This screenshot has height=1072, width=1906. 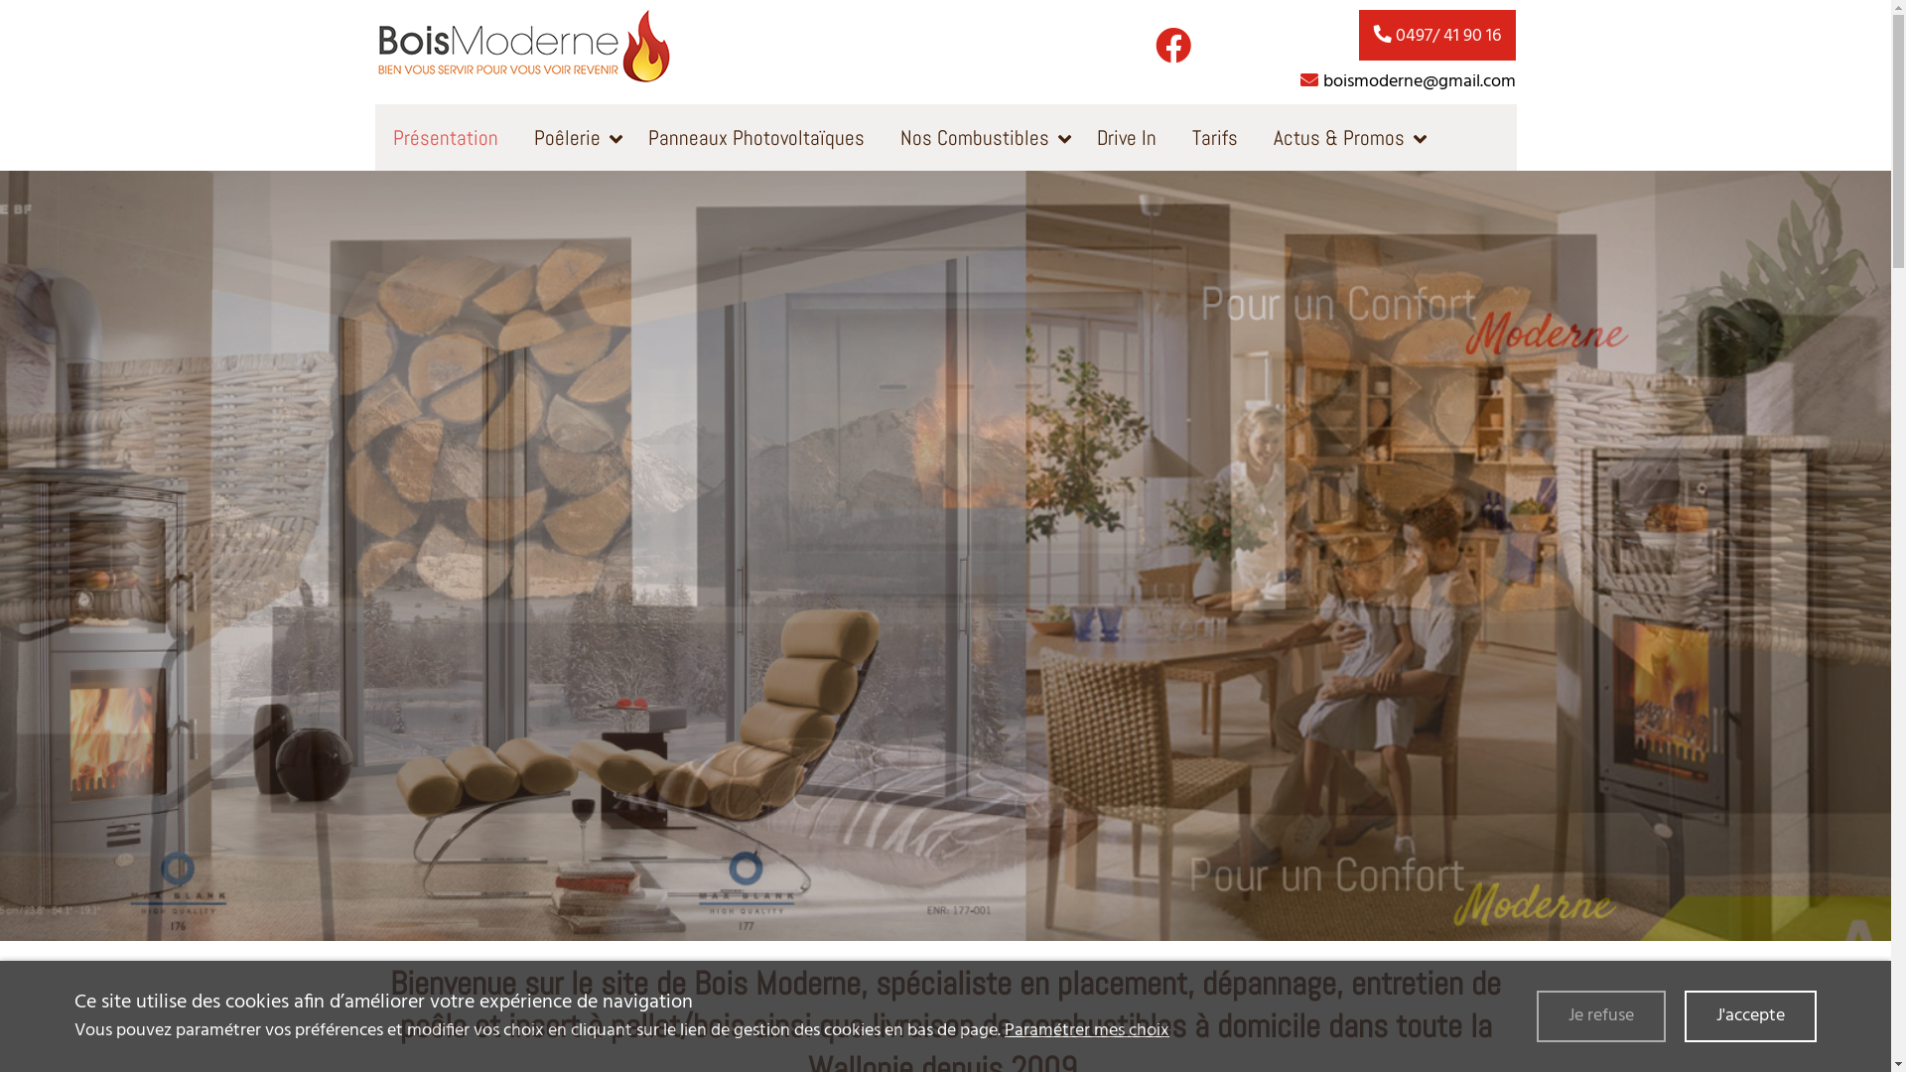 What do you see at coordinates (980, 136) in the screenshot?
I see `'Nos Combustibles'` at bounding box center [980, 136].